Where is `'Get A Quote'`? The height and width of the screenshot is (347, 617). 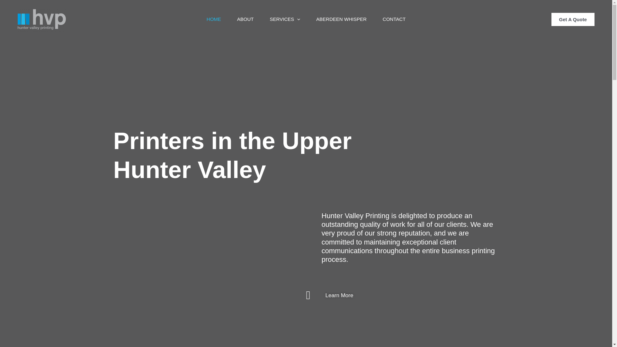
'Get A Quote' is located at coordinates (551, 19).